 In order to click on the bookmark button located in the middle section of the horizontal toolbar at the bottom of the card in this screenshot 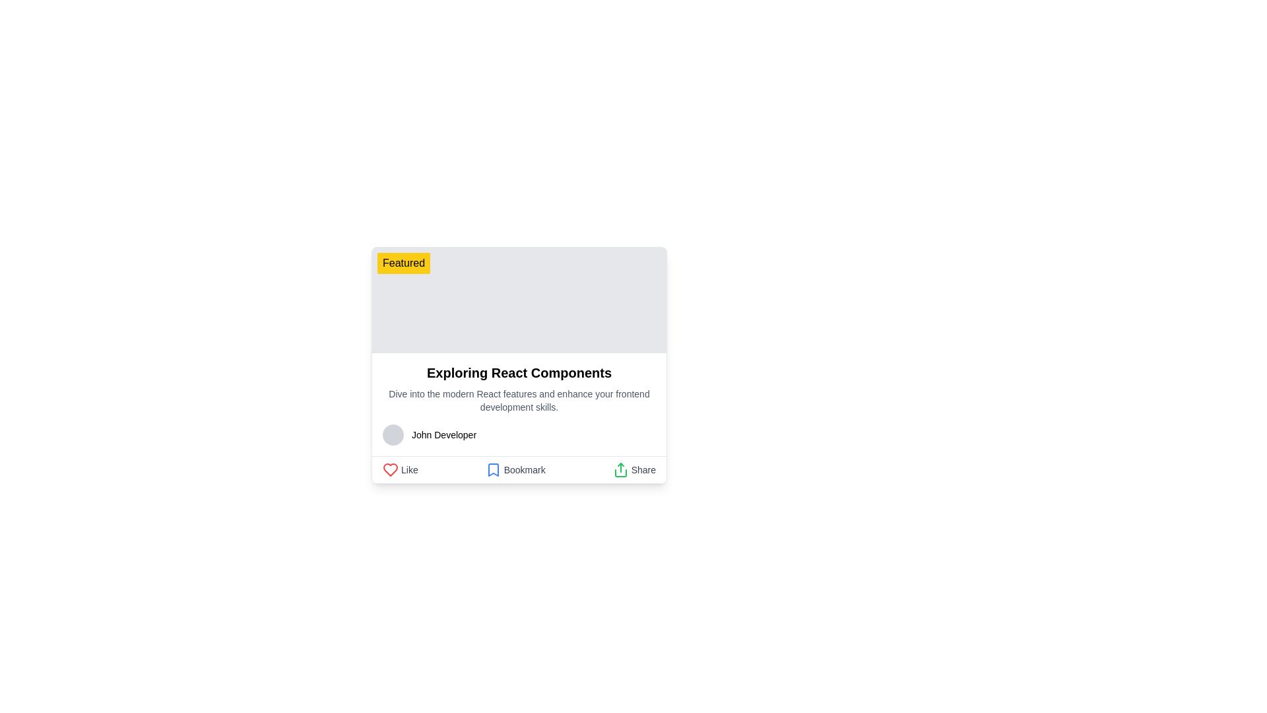, I will do `click(515, 469)`.